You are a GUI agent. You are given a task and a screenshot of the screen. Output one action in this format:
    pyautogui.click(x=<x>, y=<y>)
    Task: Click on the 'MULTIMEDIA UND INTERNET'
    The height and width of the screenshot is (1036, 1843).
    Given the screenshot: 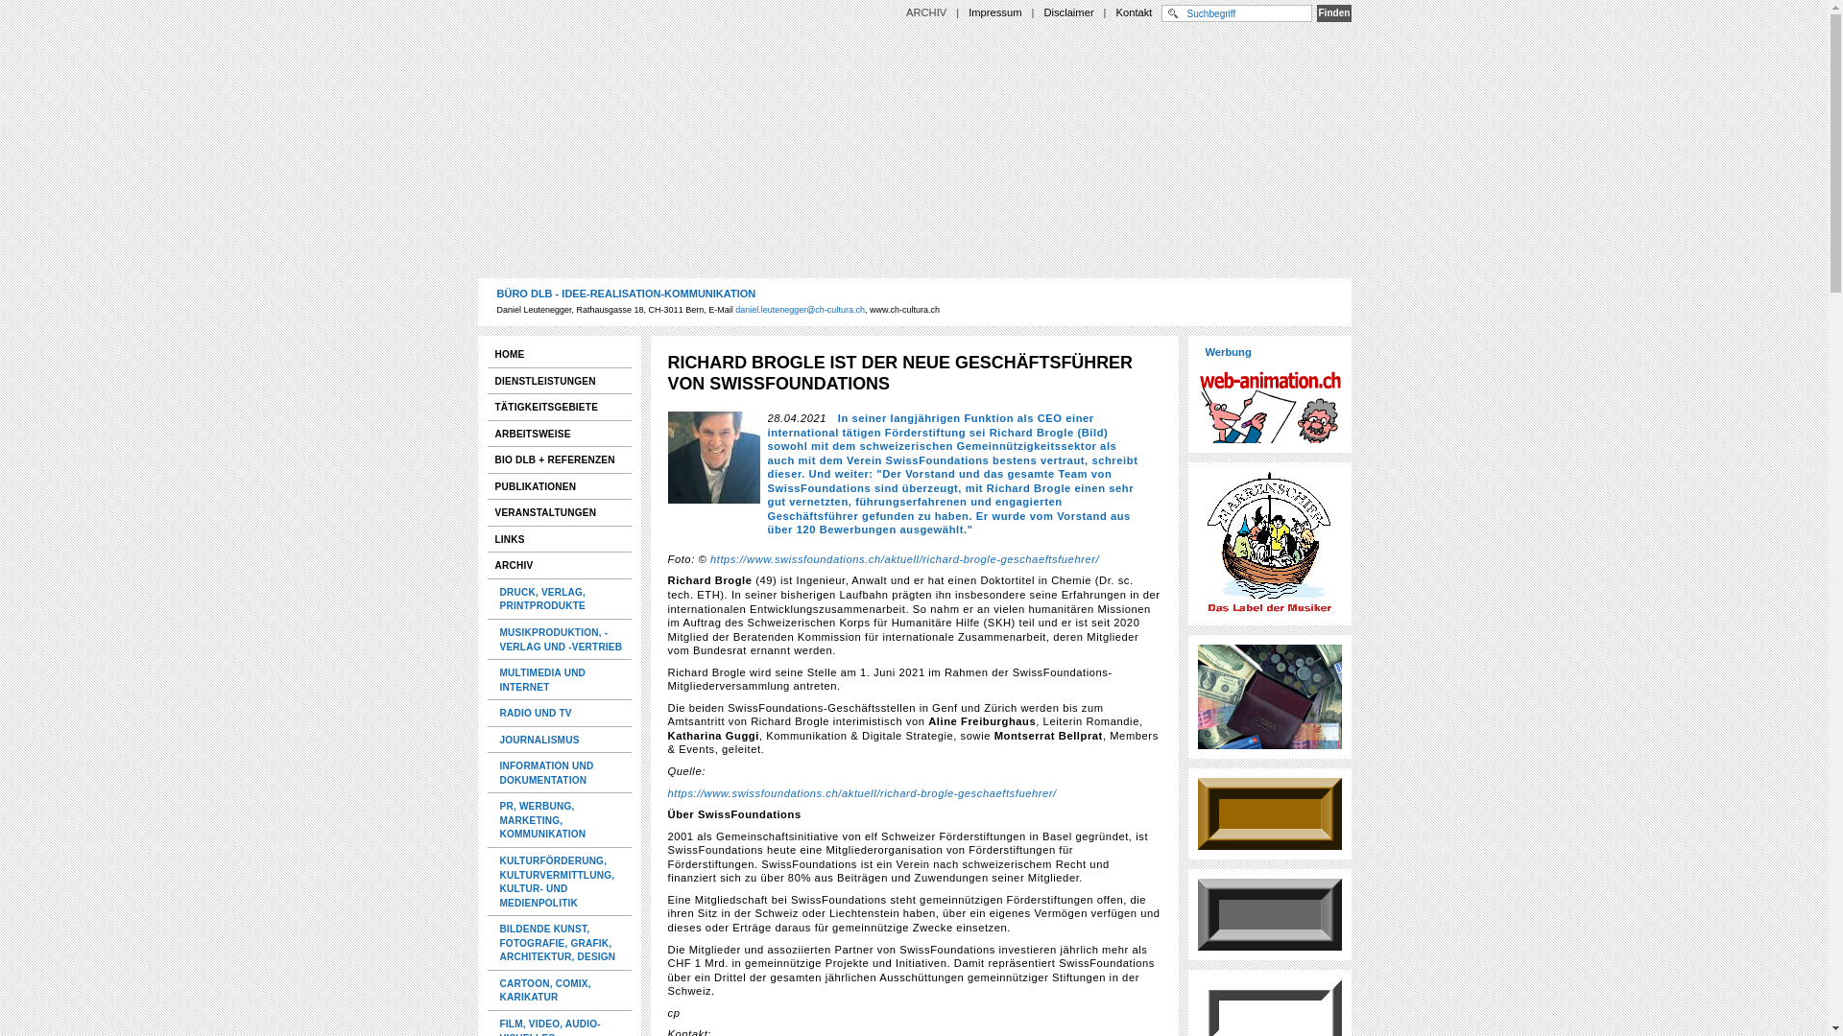 What is the action you would take?
    pyautogui.click(x=560, y=678)
    